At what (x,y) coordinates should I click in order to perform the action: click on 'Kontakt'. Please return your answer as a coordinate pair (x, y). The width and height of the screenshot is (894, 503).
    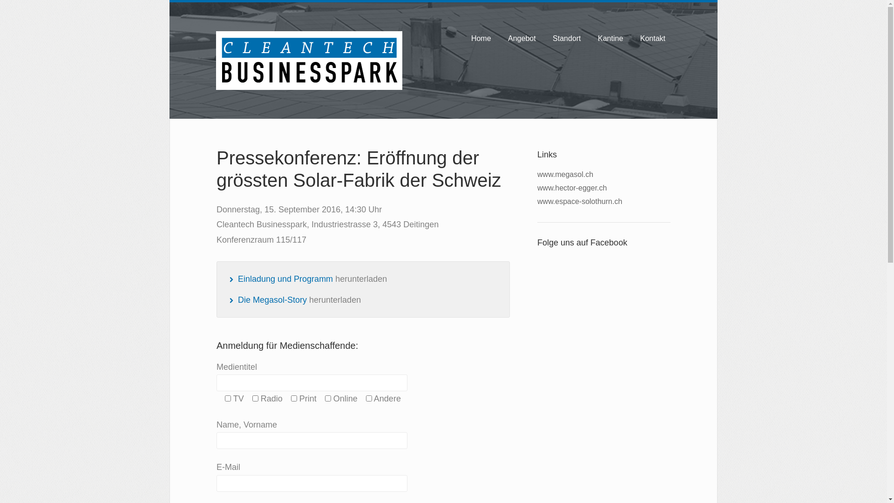
    Looking at the image, I should click on (652, 38).